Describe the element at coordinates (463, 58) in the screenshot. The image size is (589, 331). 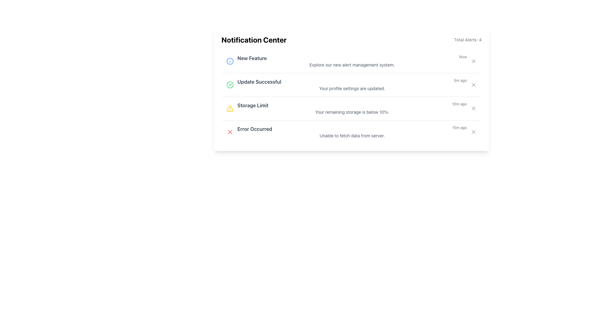
I see `the text label displaying 'Now' in small, grey font, located near the top-right side of the notification interface, adjacent to the 'New Feature' notification entry` at that location.